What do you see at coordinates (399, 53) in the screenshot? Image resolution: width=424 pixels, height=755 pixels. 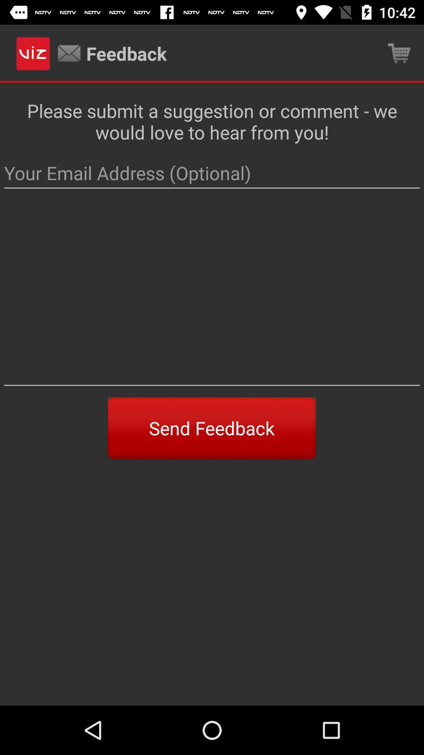 I see `the icon next to  feedback item` at bounding box center [399, 53].